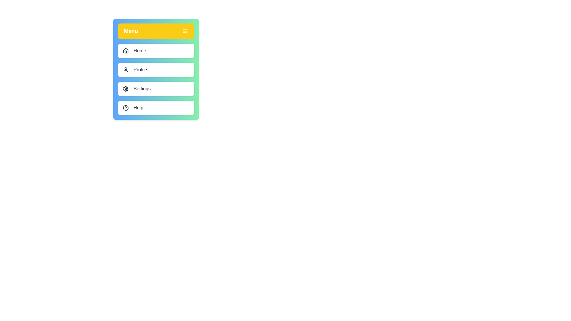 The width and height of the screenshot is (571, 321). I want to click on 'Menu' button to toggle the menu visibility, so click(156, 31).